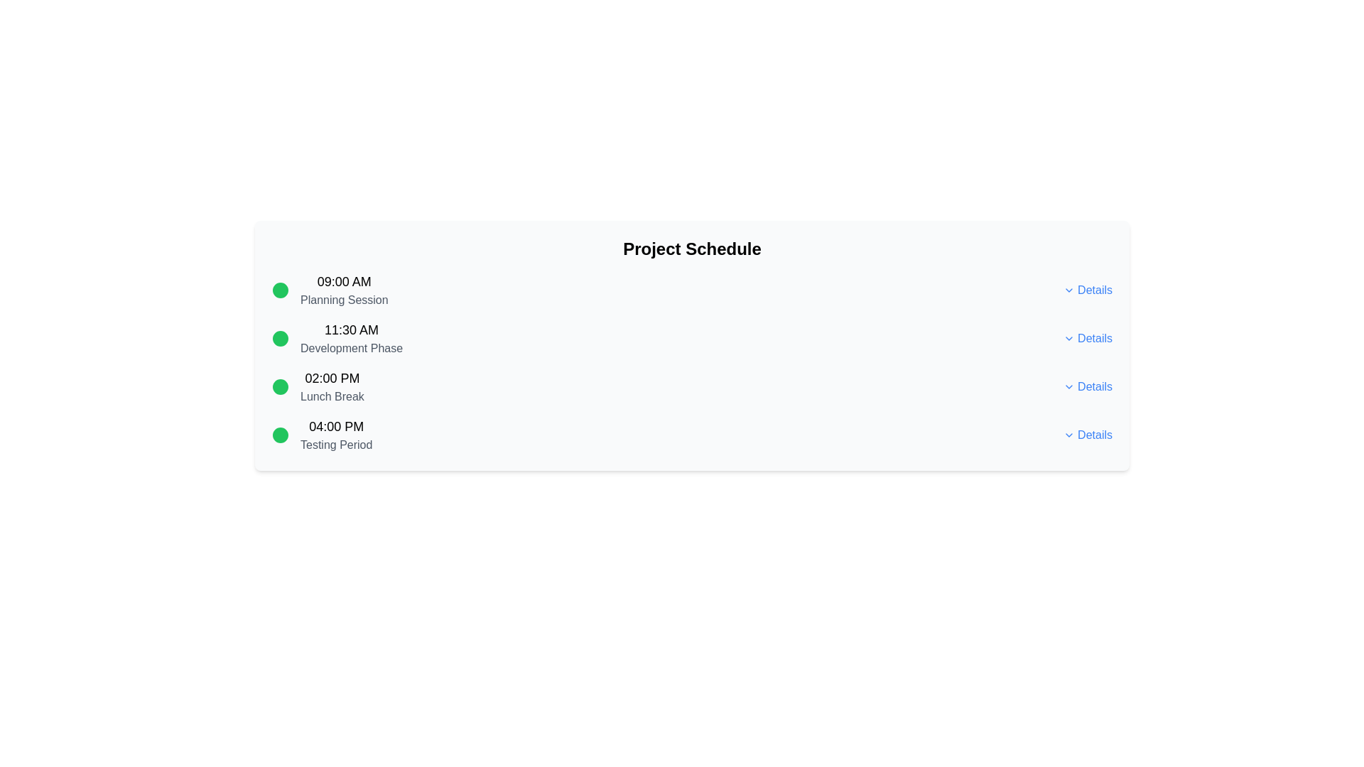 The image size is (1364, 767). I want to click on the Text Label that serves as the title for the schedule panel, located at the top of the panel and centered above the time-based sections, so click(692, 249).